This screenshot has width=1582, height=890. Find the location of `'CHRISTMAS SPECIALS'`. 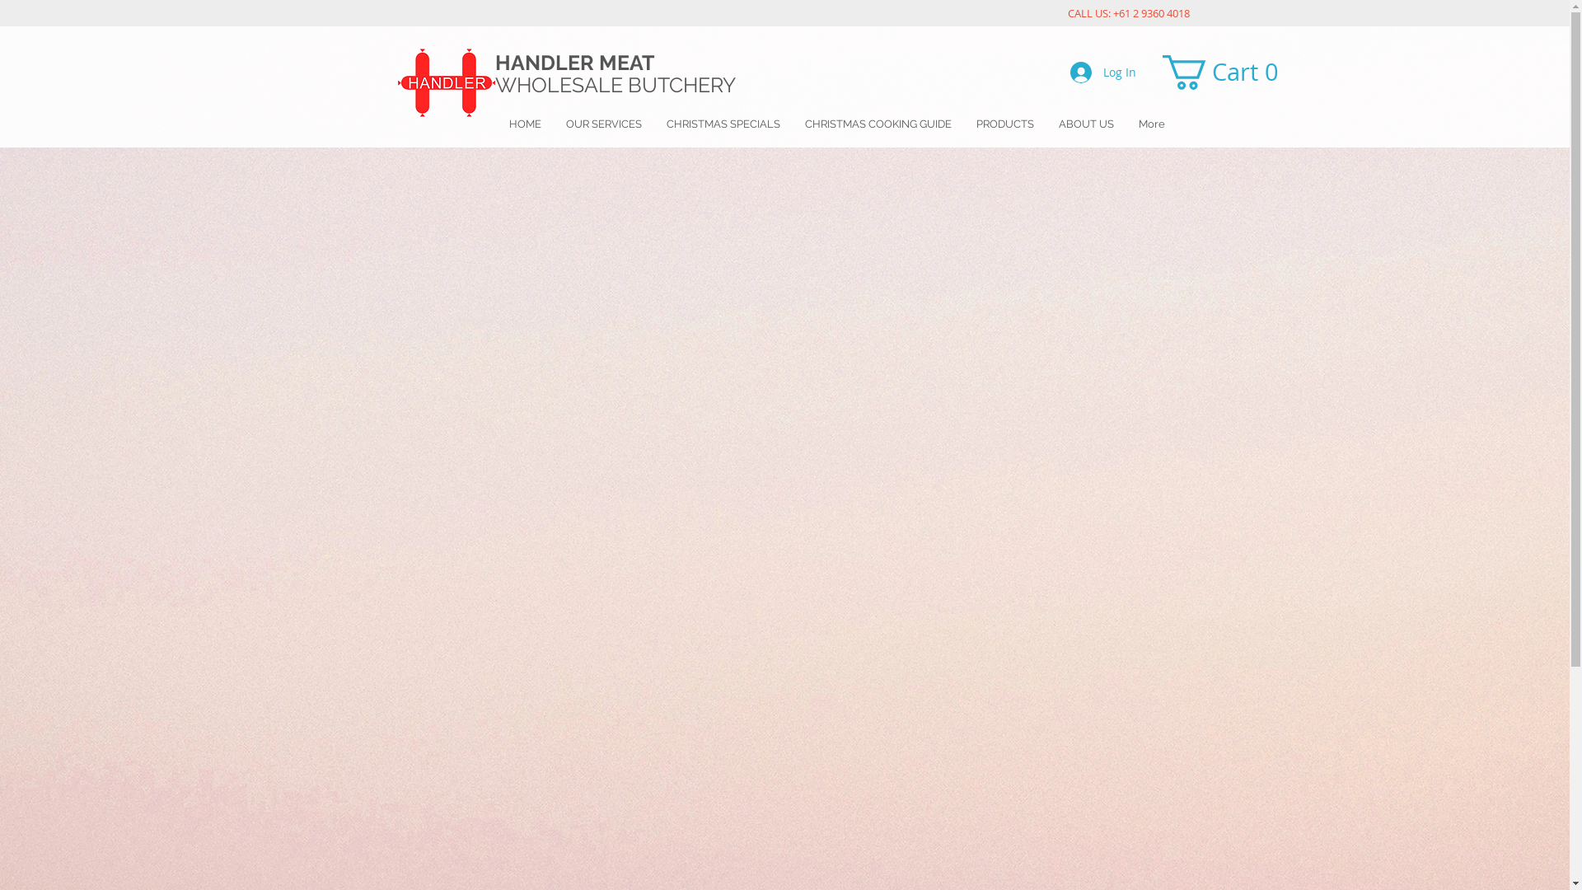

'CHRISTMAS SPECIALS' is located at coordinates (723, 123).